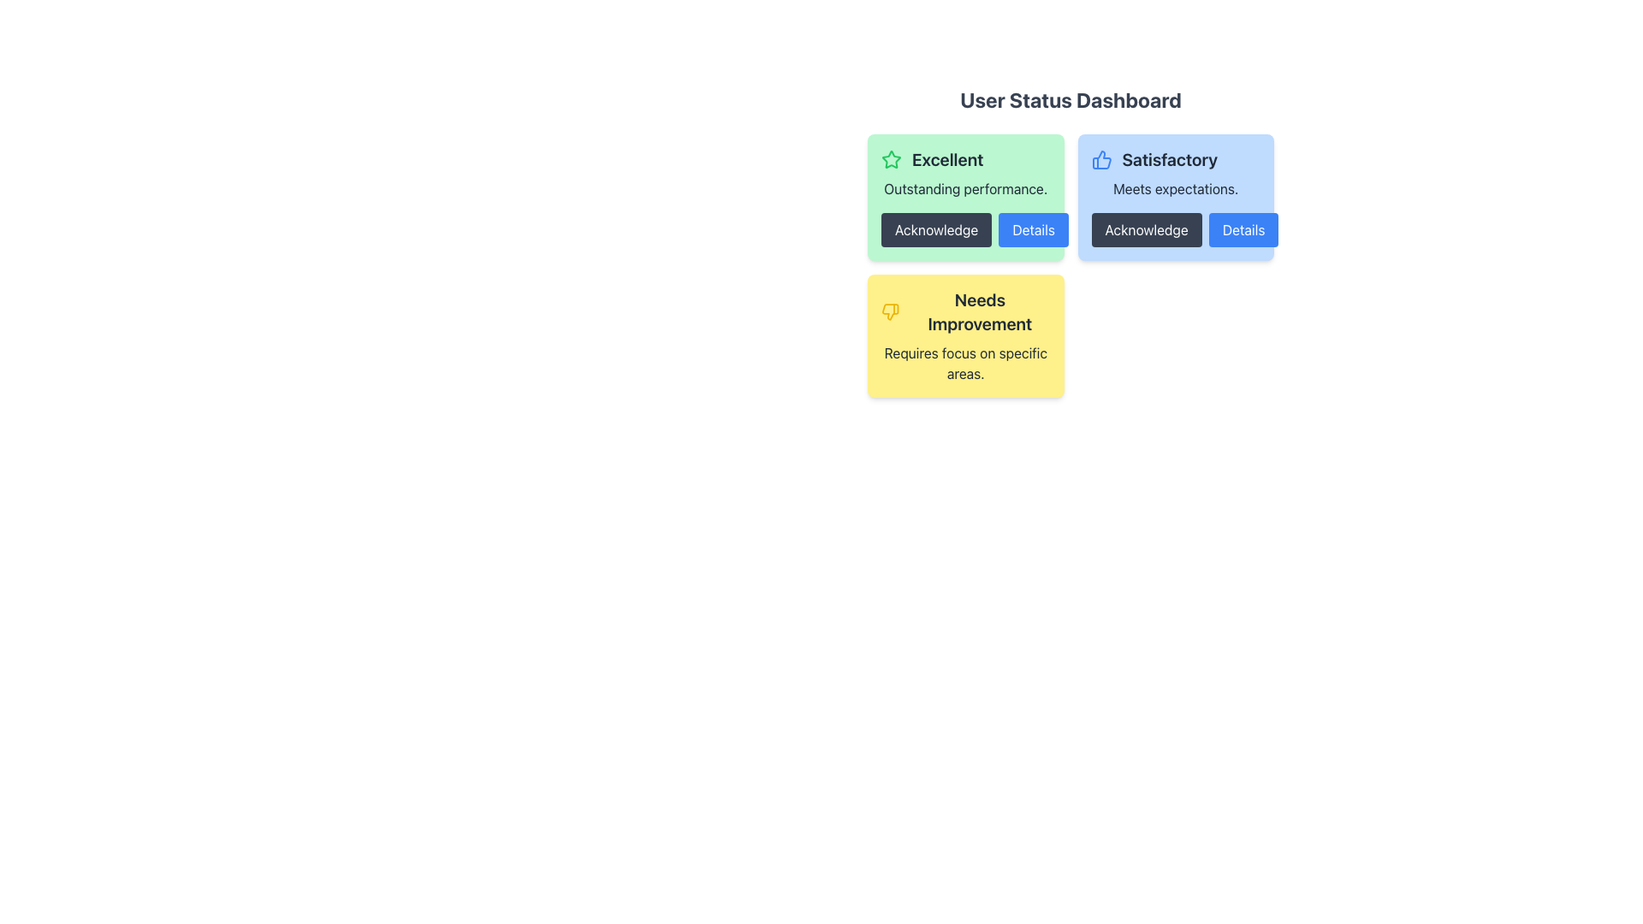 The height and width of the screenshot is (924, 1643). What do you see at coordinates (1101, 159) in the screenshot?
I see `the thumbs-up icon on the left side of the light blue 'Satisfactory' card, which is located in the top-right position among three cards` at bounding box center [1101, 159].